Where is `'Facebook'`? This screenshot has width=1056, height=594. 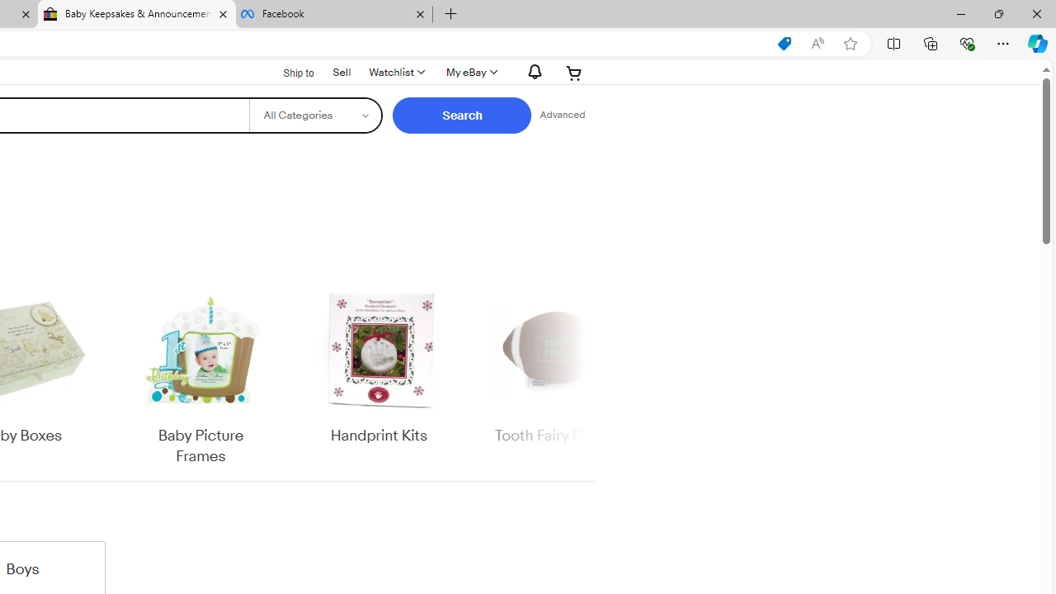
'Facebook' is located at coordinates (332, 14).